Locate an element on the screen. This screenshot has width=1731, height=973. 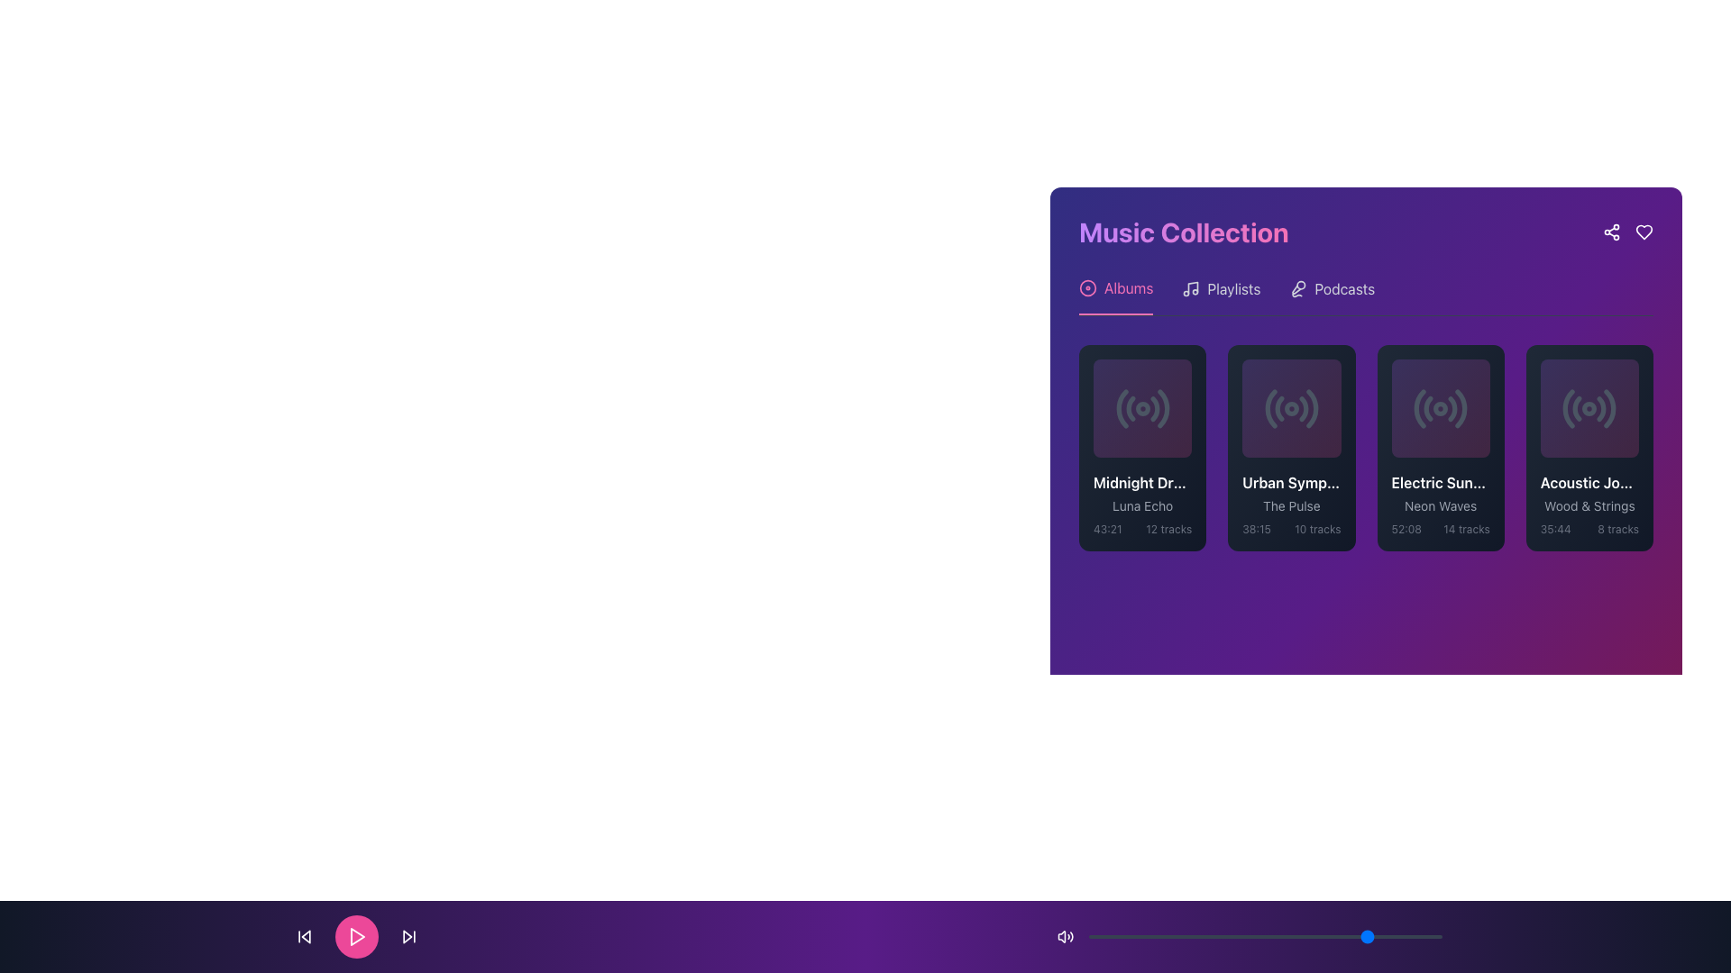
the text label 'Luna Echo' is located at coordinates (1141, 506).